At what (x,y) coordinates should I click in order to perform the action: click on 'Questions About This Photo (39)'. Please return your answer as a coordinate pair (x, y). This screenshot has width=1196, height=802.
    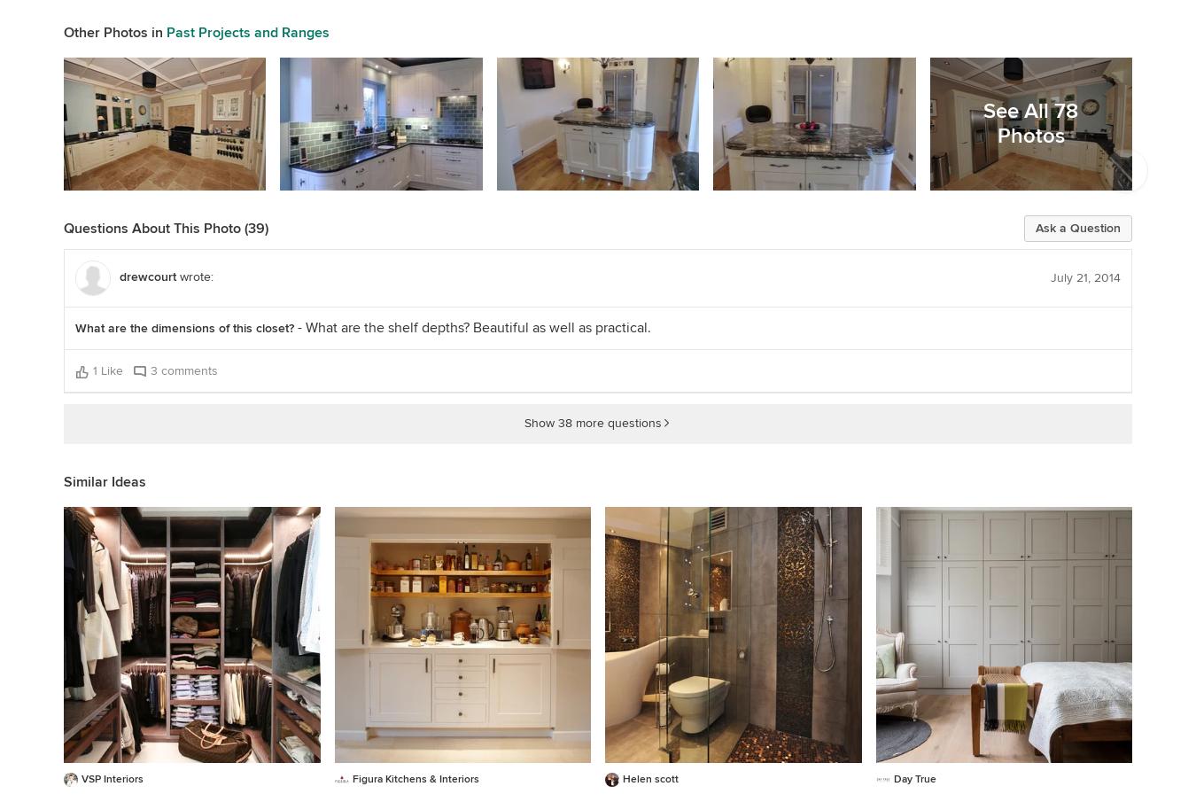
    Looking at the image, I should click on (166, 228).